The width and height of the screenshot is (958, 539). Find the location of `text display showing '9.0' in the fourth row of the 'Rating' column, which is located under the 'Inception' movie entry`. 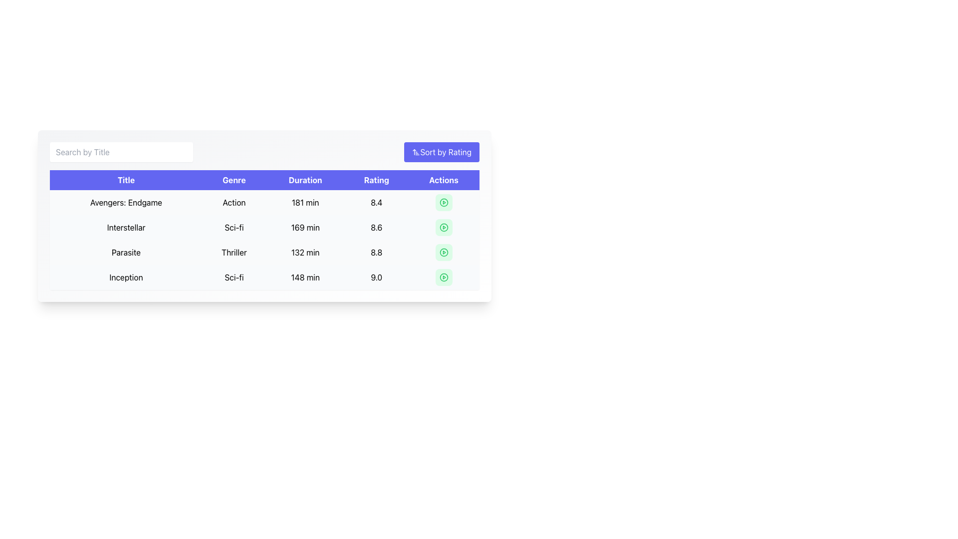

text display showing '9.0' in the fourth row of the 'Rating' column, which is located under the 'Inception' movie entry is located at coordinates (376, 277).